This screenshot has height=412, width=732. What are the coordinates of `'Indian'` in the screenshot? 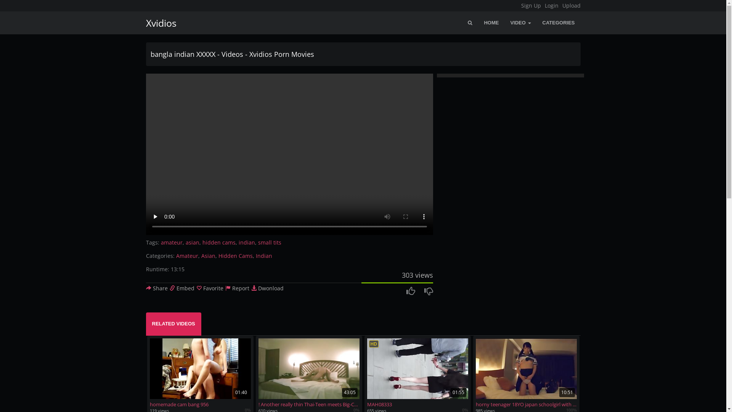 It's located at (263, 256).